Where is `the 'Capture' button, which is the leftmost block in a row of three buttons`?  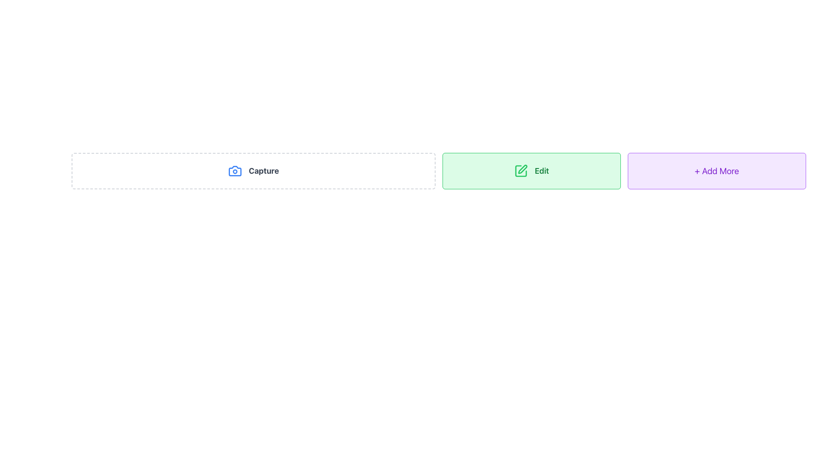
the 'Capture' button, which is the leftmost block in a row of three buttons is located at coordinates (253, 171).